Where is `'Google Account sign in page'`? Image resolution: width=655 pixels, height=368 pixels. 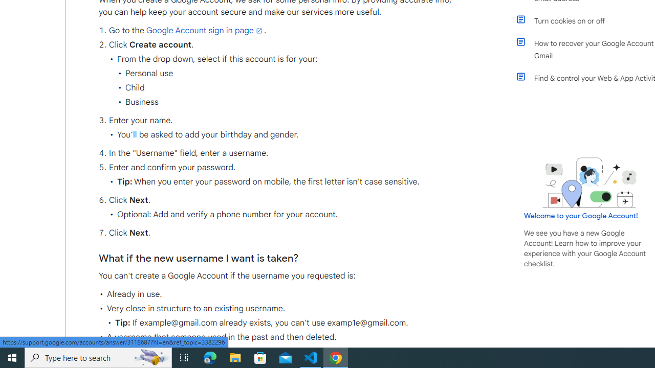 'Google Account sign in page' is located at coordinates (205, 30).